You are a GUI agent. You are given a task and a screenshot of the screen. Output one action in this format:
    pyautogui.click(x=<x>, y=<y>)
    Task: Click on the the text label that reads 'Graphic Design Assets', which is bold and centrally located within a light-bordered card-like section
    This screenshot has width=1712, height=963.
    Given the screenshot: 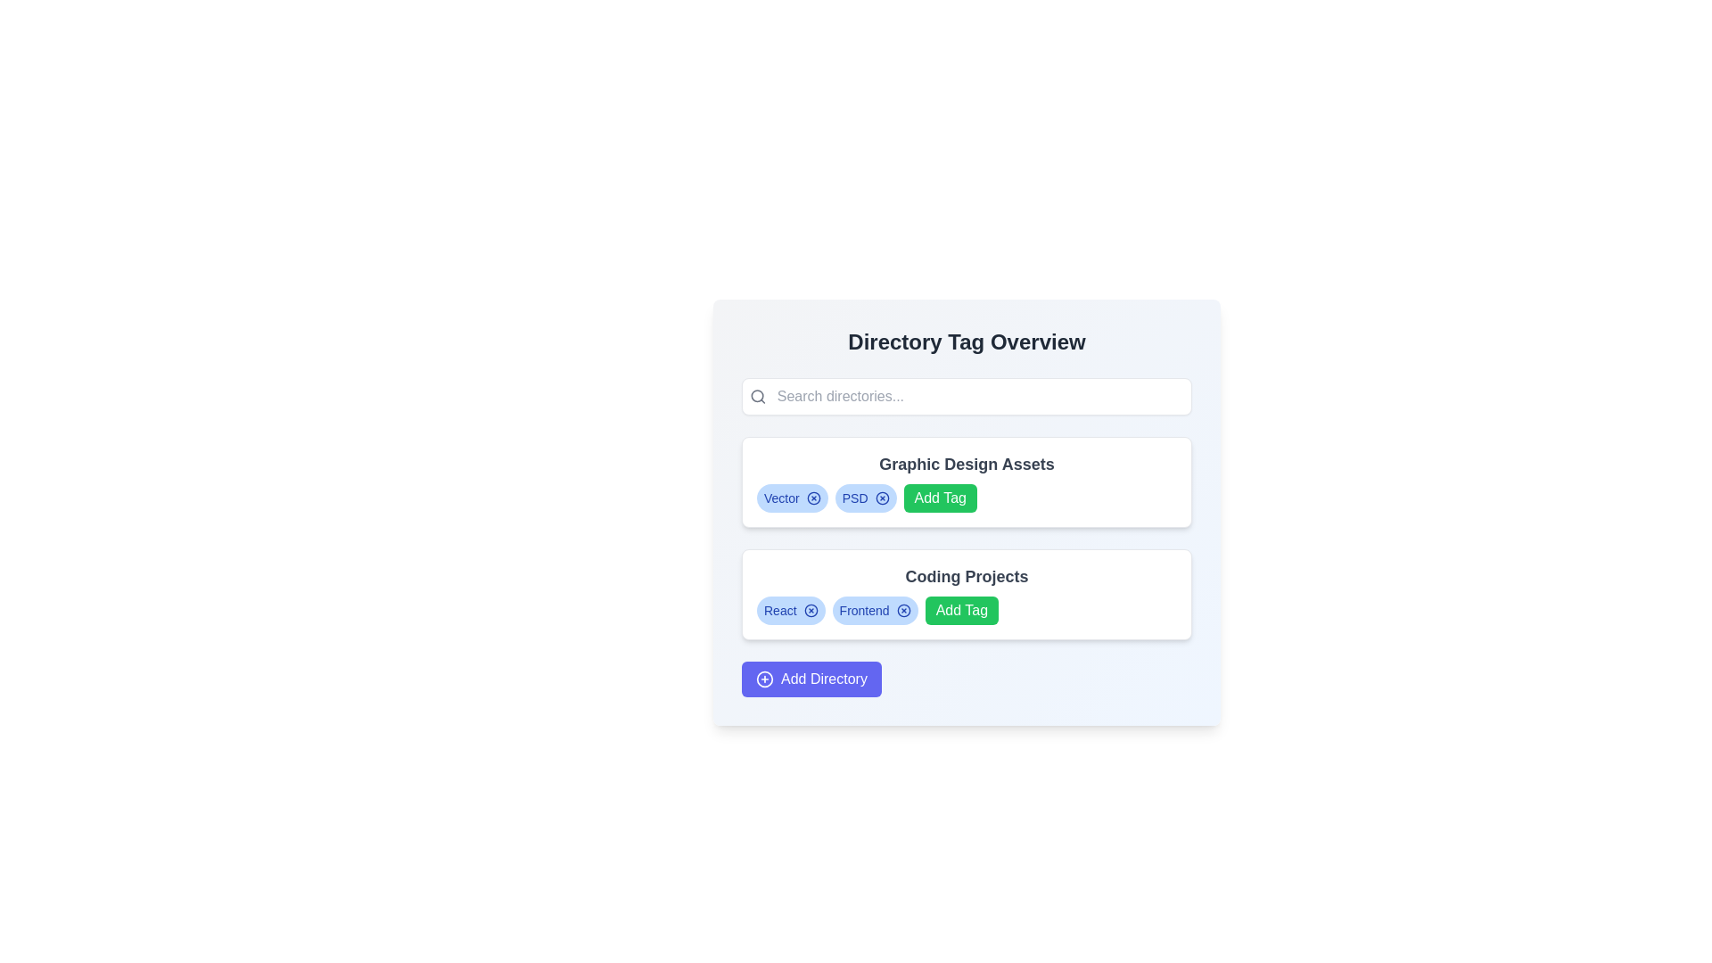 What is the action you would take?
    pyautogui.click(x=966, y=463)
    